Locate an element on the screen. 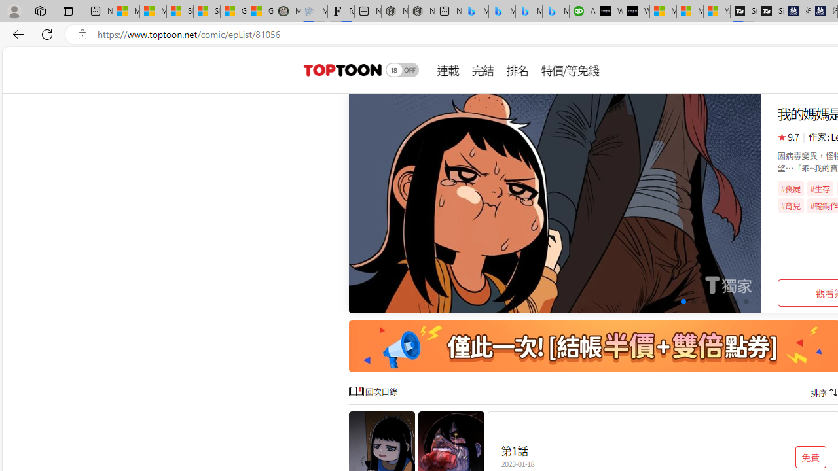  'Streaming Coverage | T3' is located at coordinates (744, 11).